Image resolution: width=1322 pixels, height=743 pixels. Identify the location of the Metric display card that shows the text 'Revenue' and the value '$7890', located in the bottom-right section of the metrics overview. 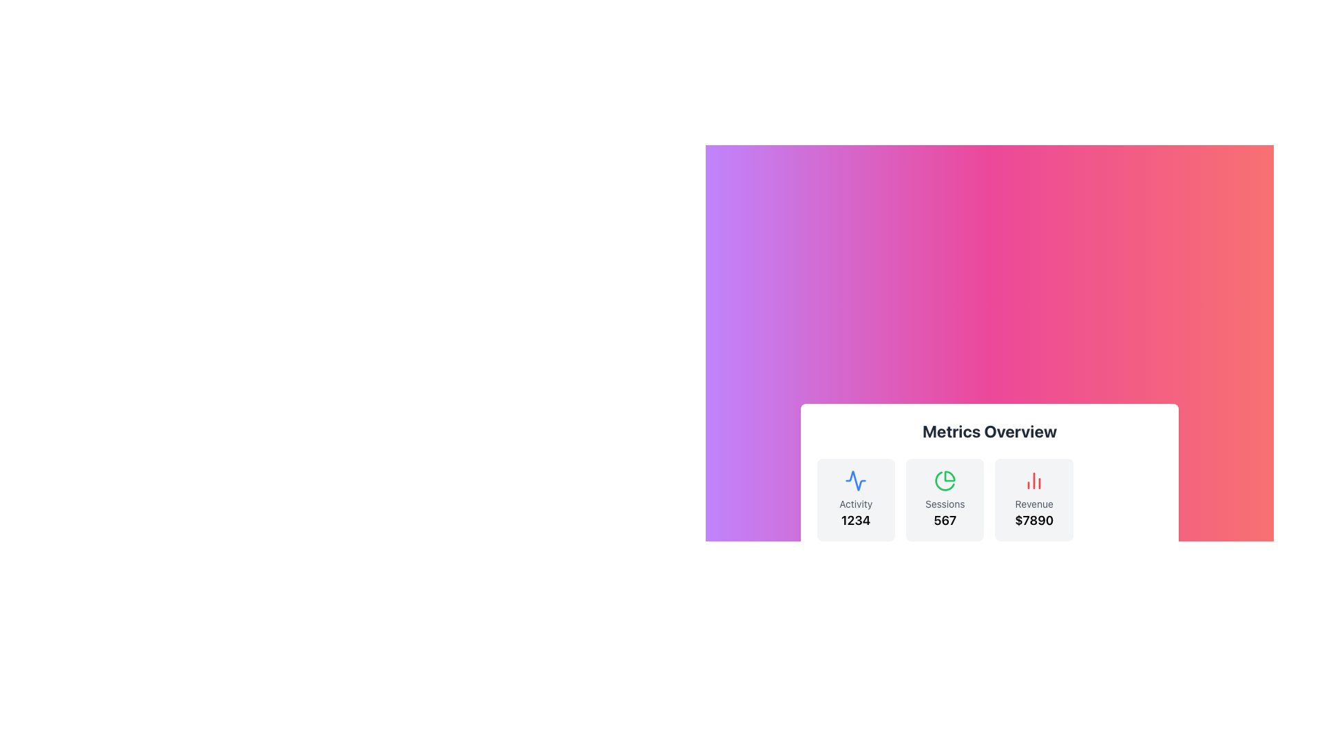
(1034, 499).